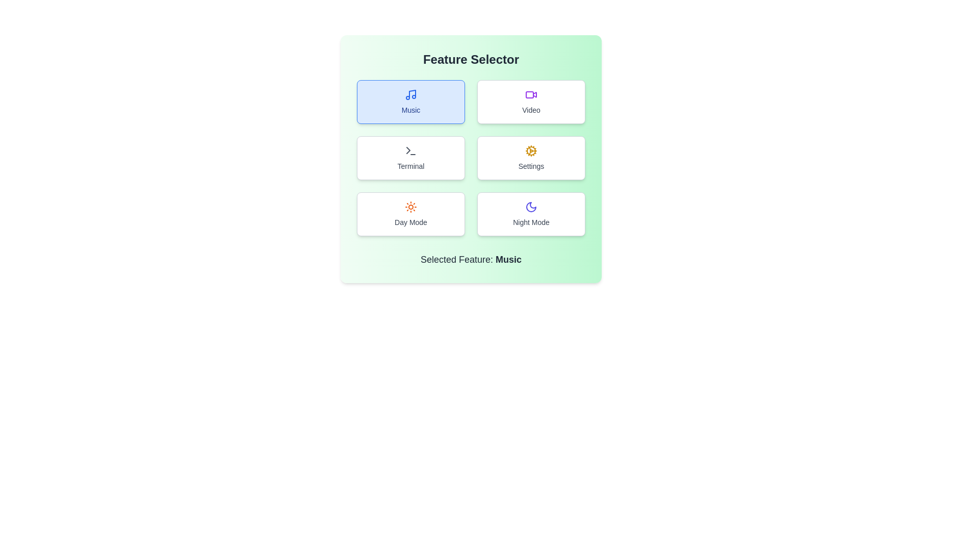  Describe the element at coordinates (508, 259) in the screenshot. I see `the bold text label displaying 'Music', which is part of the sentence 'Selected Feature: Music' located near the bottom of the interface` at that location.